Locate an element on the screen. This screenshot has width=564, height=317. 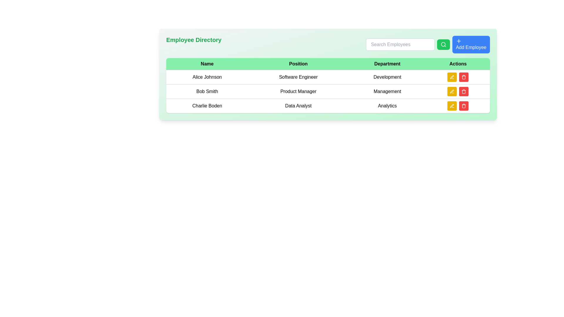
the green button with a magnifying glass icon located to the right of the 'Add Employee' button is located at coordinates (443, 44).